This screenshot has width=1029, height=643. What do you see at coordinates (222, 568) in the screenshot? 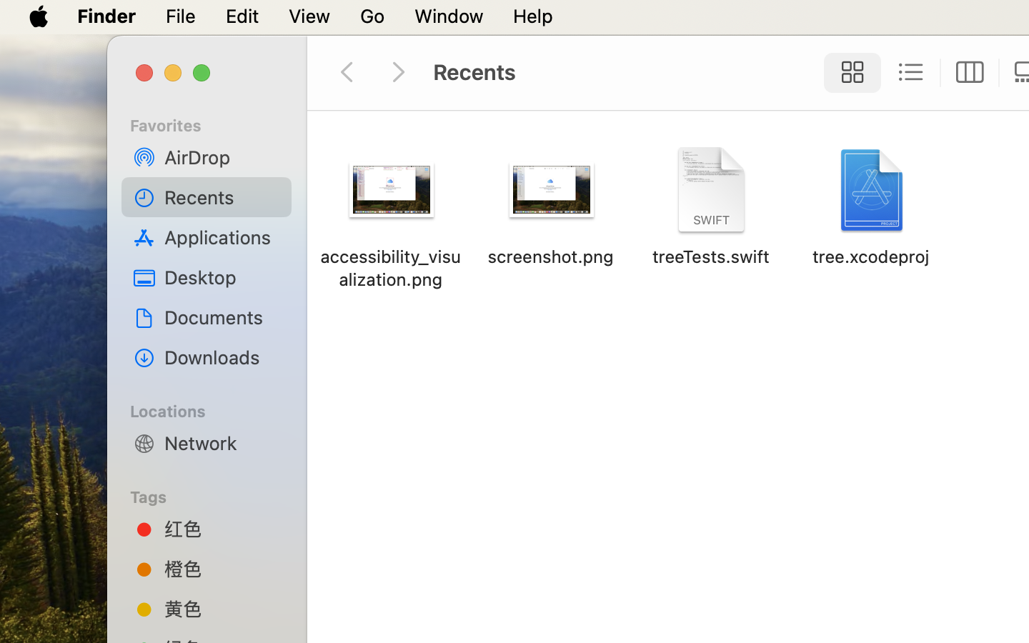
I see `'橙色'` at bounding box center [222, 568].